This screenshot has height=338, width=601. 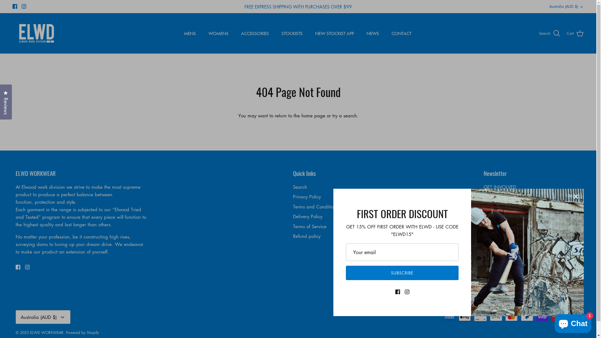 What do you see at coordinates (566, 7) in the screenshot?
I see `'Australia (AUD $)` at bounding box center [566, 7].